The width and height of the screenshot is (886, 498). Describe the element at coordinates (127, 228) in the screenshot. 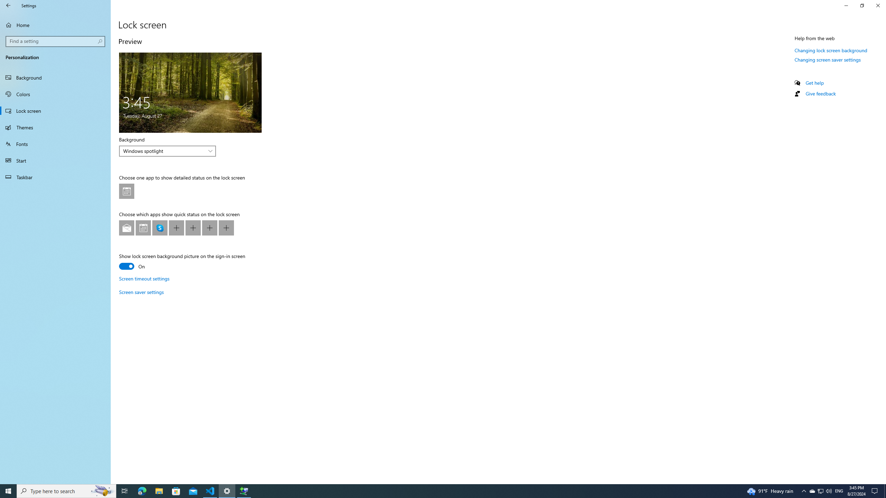

I see `'Lock screen app quick status at position 1'` at that location.